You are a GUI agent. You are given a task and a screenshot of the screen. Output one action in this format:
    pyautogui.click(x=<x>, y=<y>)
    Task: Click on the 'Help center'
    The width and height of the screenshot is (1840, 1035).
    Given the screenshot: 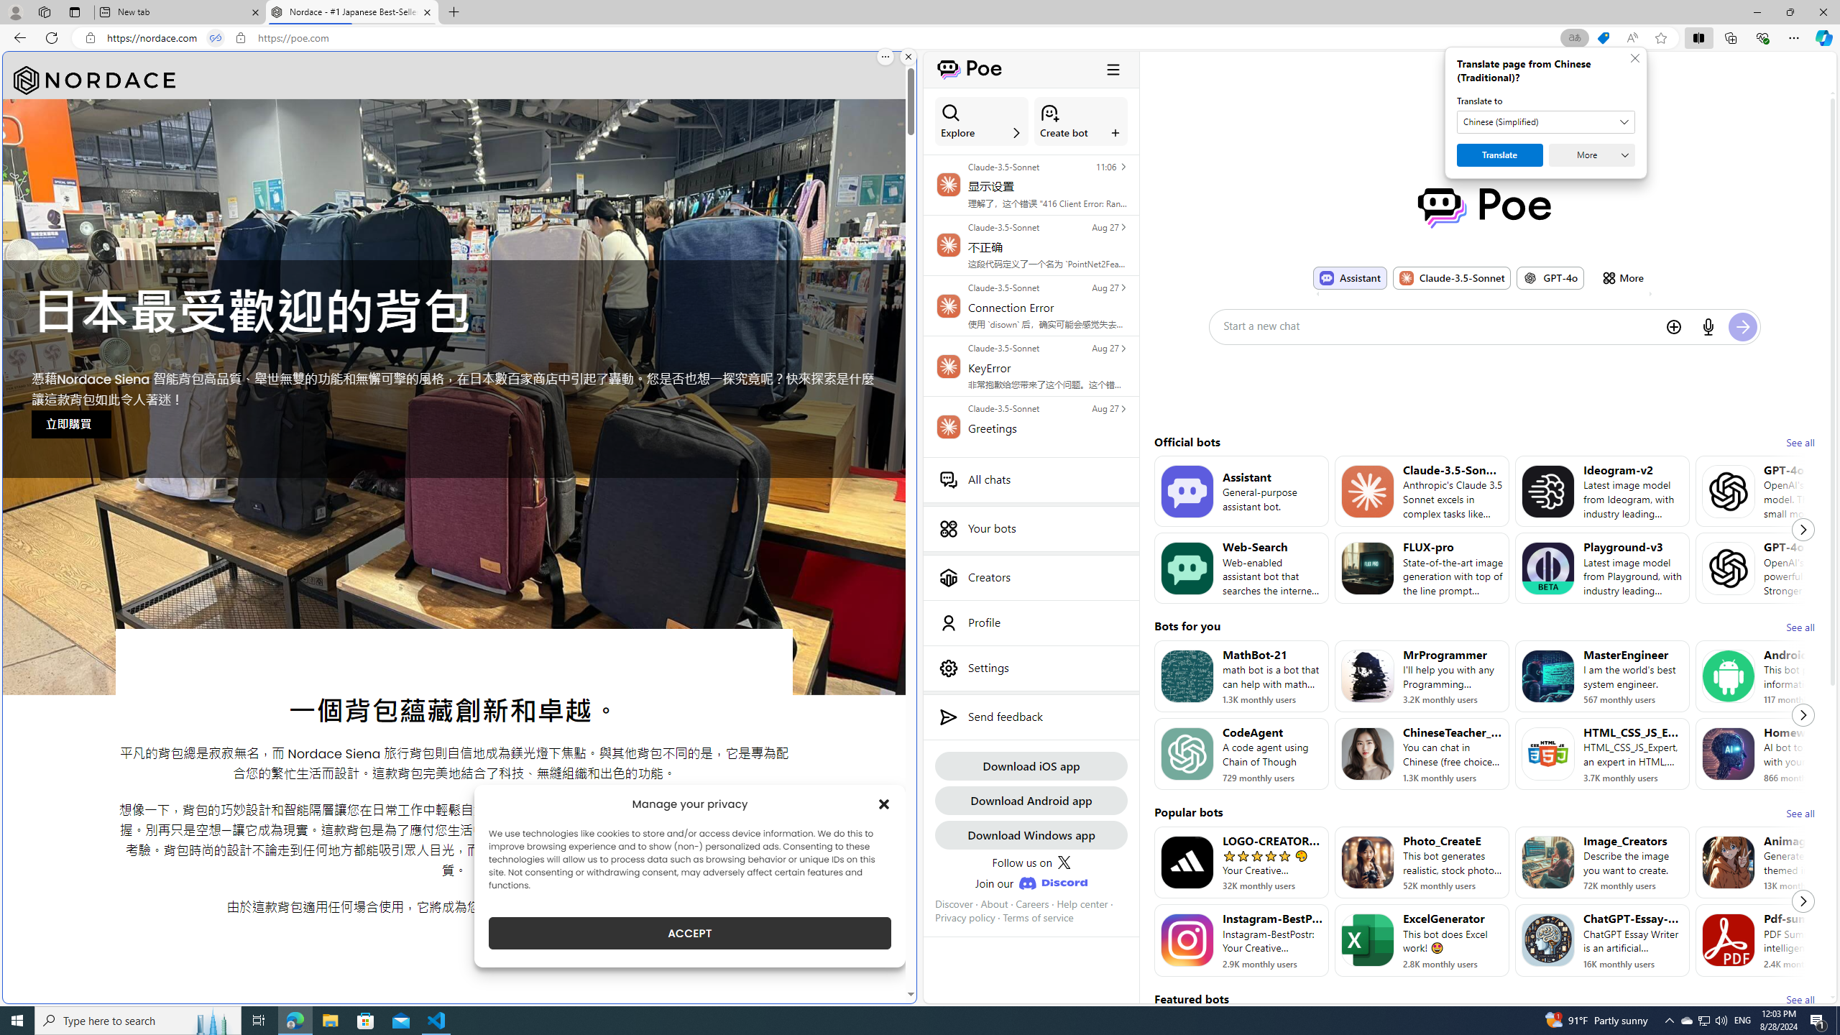 What is the action you would take?
    pyautogui.click(x=1081, y=903)
    